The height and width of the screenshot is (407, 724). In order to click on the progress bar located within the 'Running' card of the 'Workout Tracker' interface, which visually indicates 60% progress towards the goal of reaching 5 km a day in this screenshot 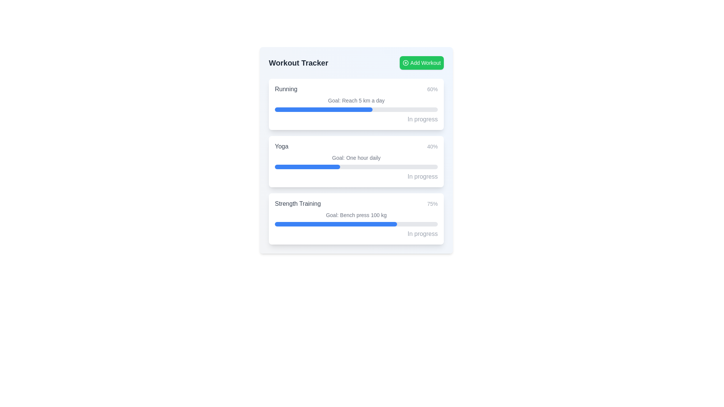, I will do `click(356, 109)`.